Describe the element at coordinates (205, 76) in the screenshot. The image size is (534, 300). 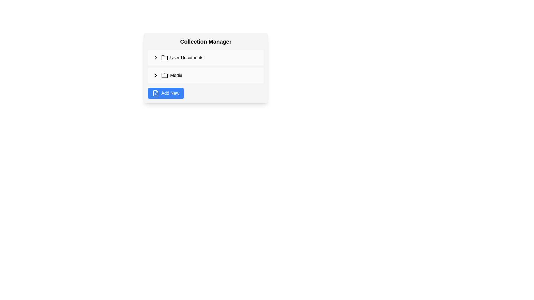
I see `the 'Media' category in the horizontal navigation bar below 'User Documents' and above the 'Add New' button` at that location.